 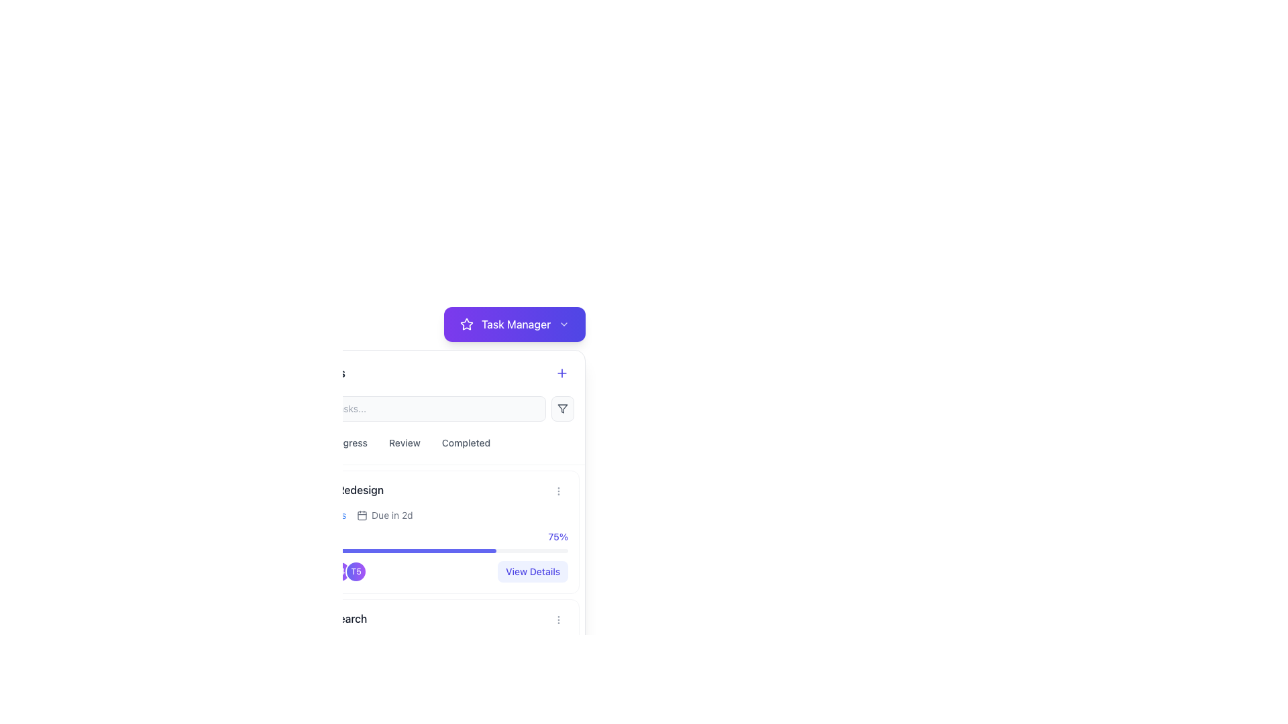 I want to click on the first circular badge labeled 'T1' with a gradient background transitioning from indigo to purple, located at the bottom of the interface, so click(x=291, y=571).